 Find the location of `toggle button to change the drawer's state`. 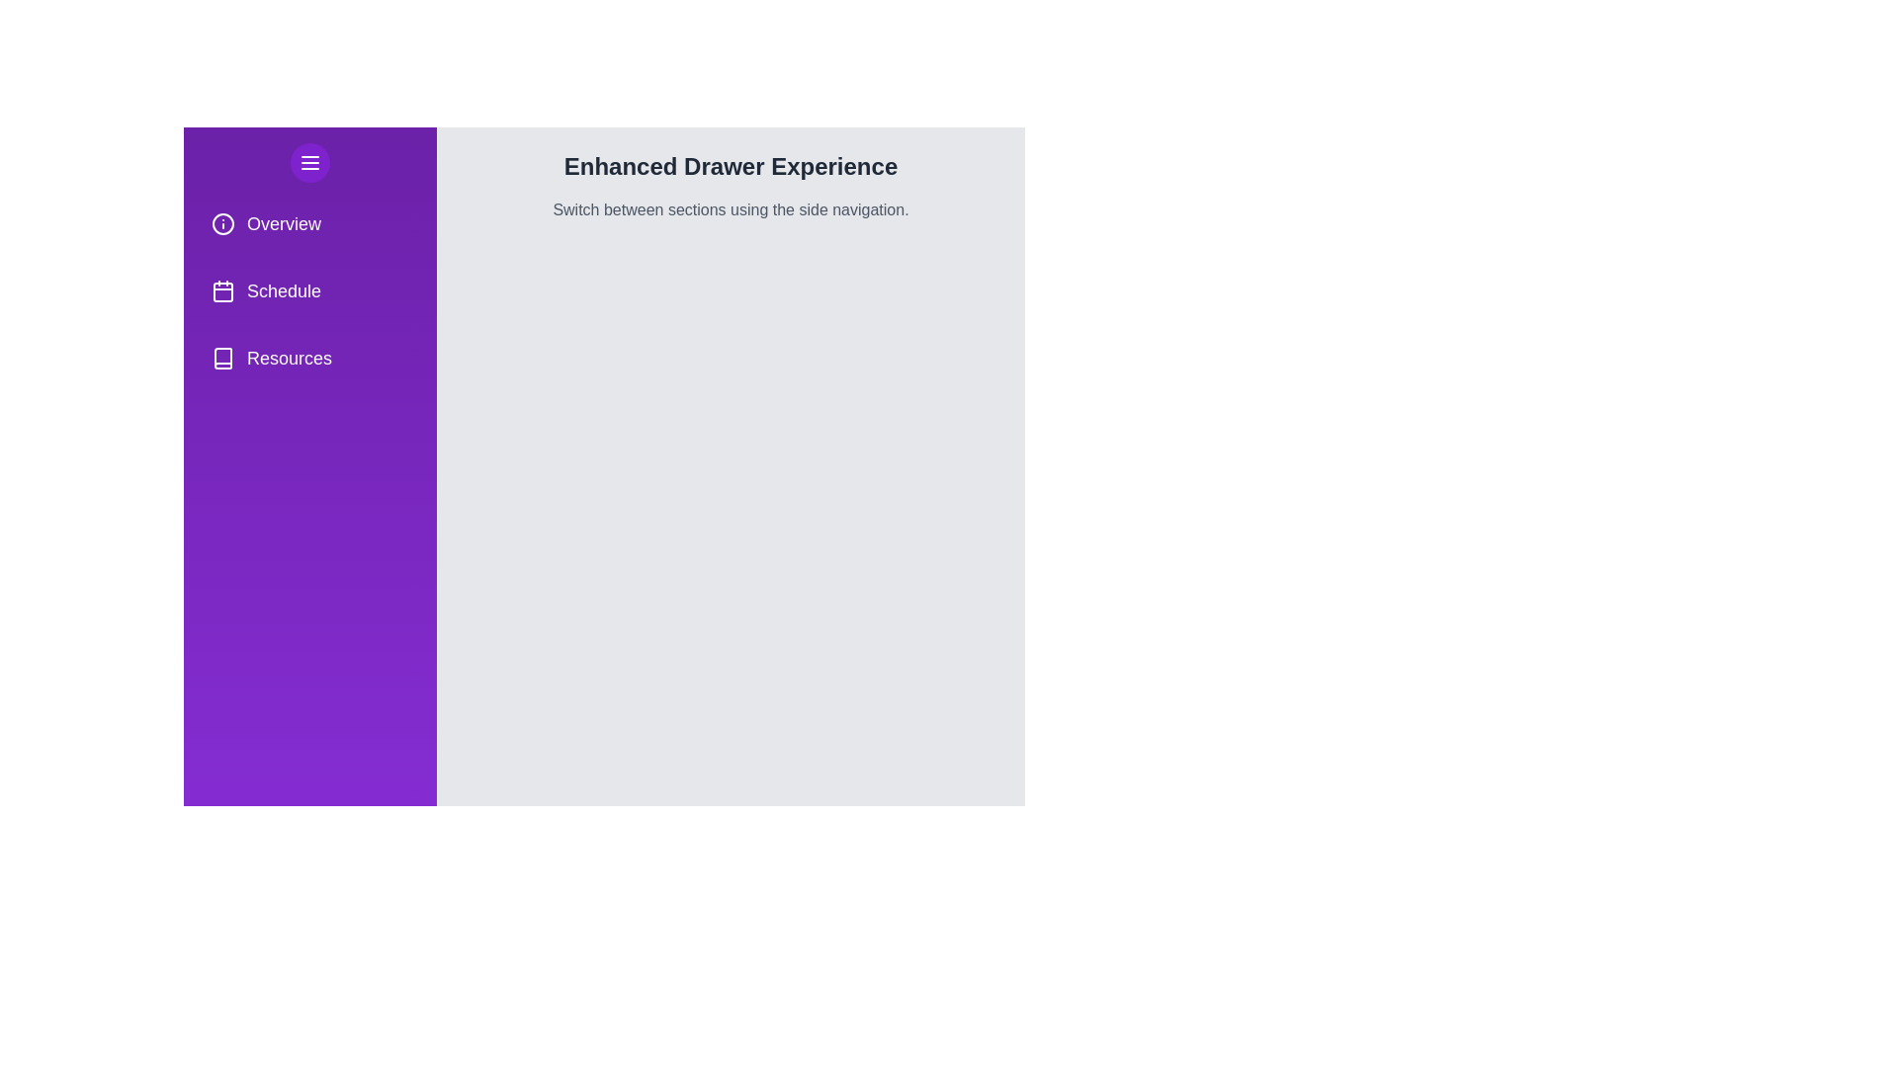

toggle button to change the drawer's state is located at coordinates (308, 162).